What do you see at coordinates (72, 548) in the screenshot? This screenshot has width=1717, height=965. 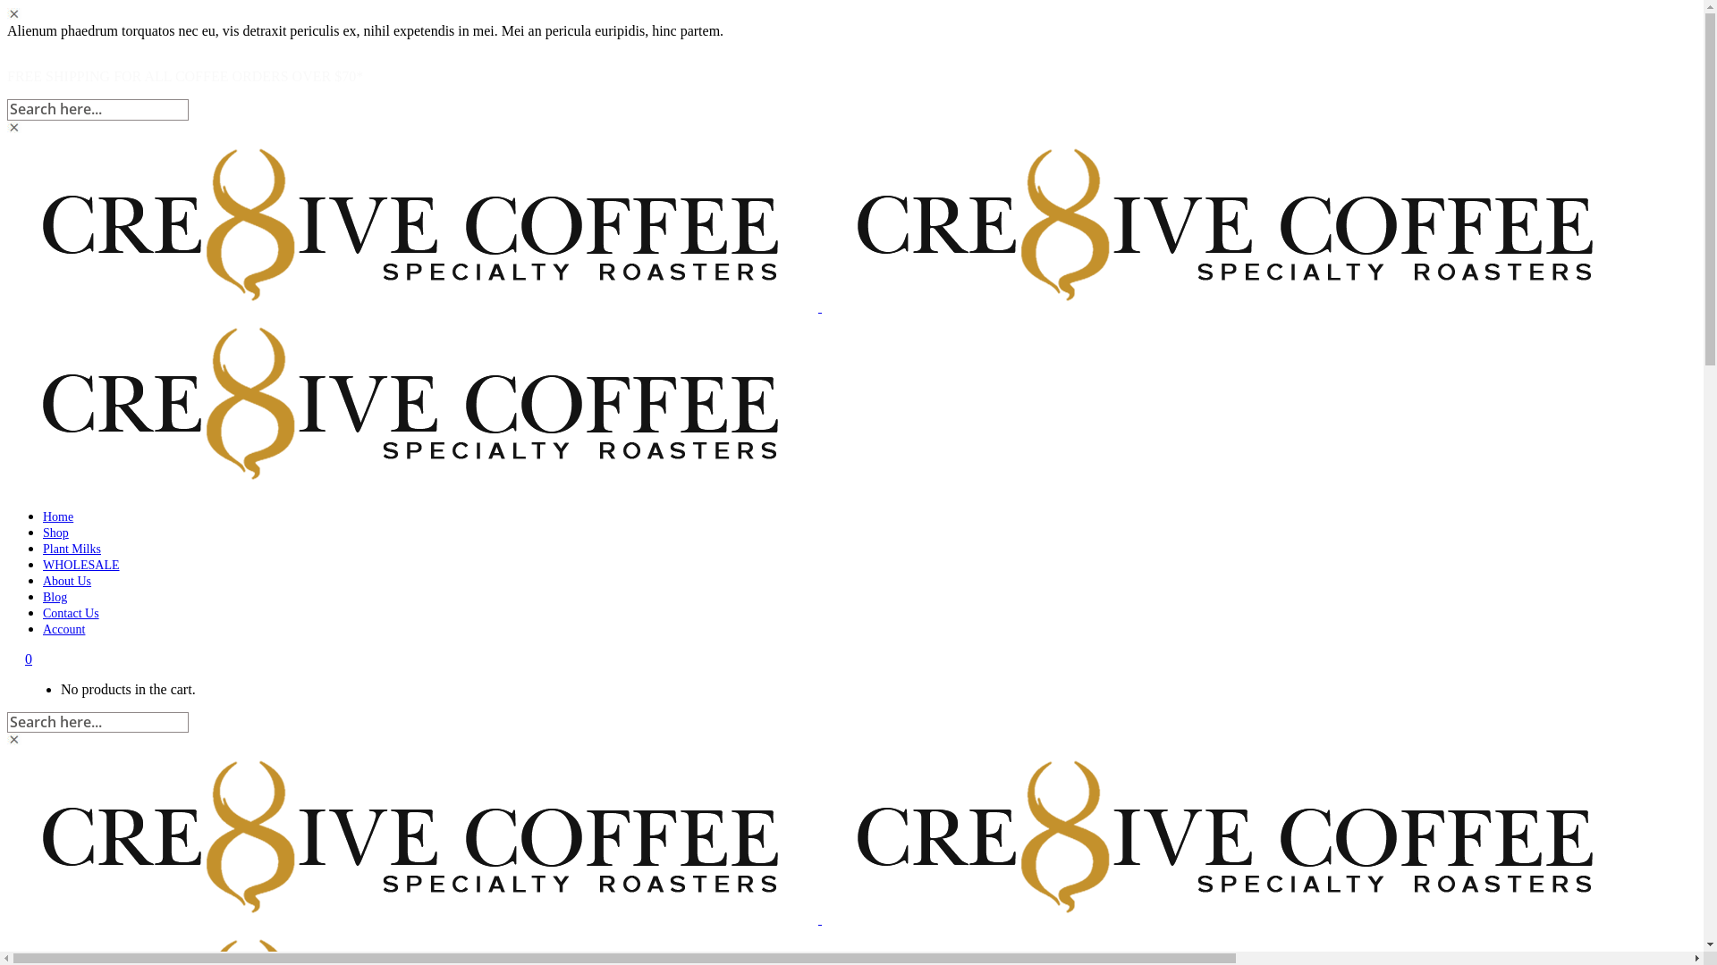 I see `'Plant Milks'` at bounding box center [72, 548].